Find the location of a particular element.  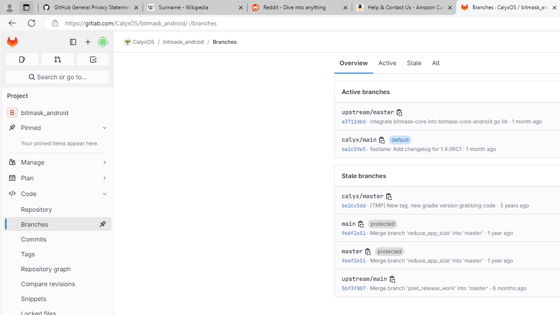

'Pin Repository' is located at coordinates (102, 209).